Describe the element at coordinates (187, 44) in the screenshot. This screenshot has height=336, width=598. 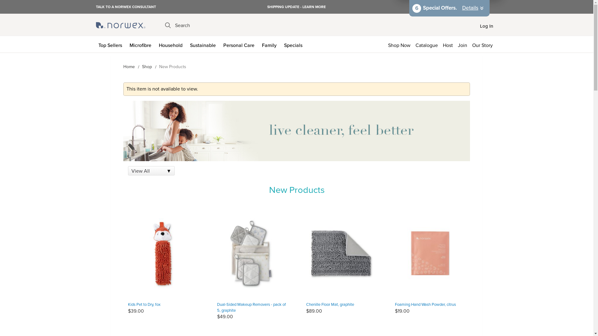
I see `'Sustainable'` at that location.